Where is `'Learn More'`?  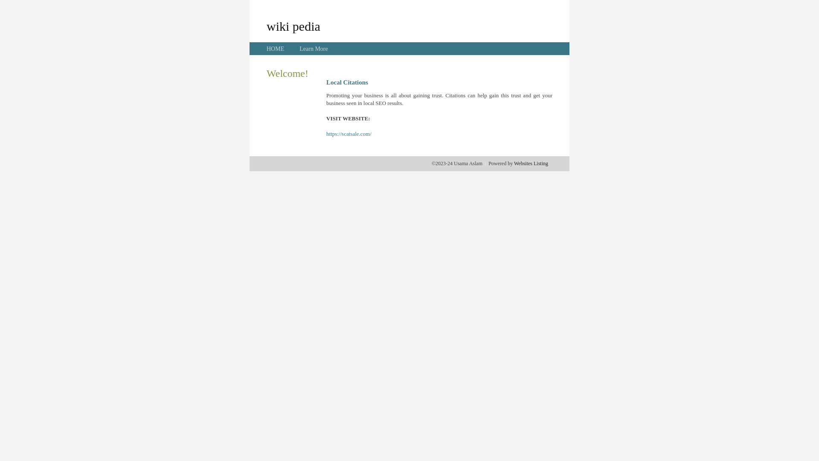
'Learn More' is located at coordinates (313, 49).